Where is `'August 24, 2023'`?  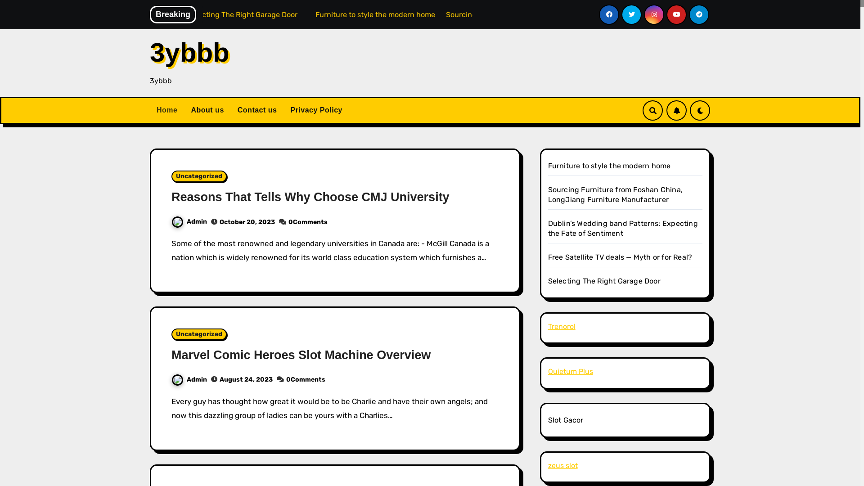 'August 24, 2023' is located at coordinates (246, 379).